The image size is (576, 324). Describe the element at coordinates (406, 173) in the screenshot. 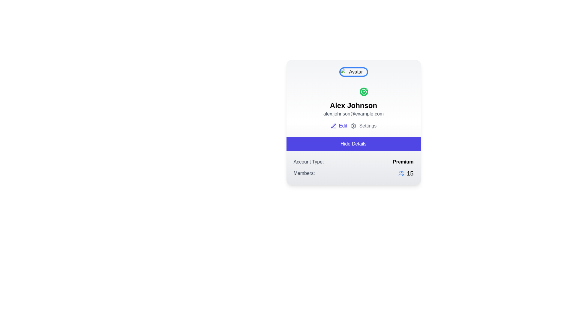

I see `displayed member count from the static display indicator located in the 'Members:' section near the bottom-right corner of the user information card` at that location.